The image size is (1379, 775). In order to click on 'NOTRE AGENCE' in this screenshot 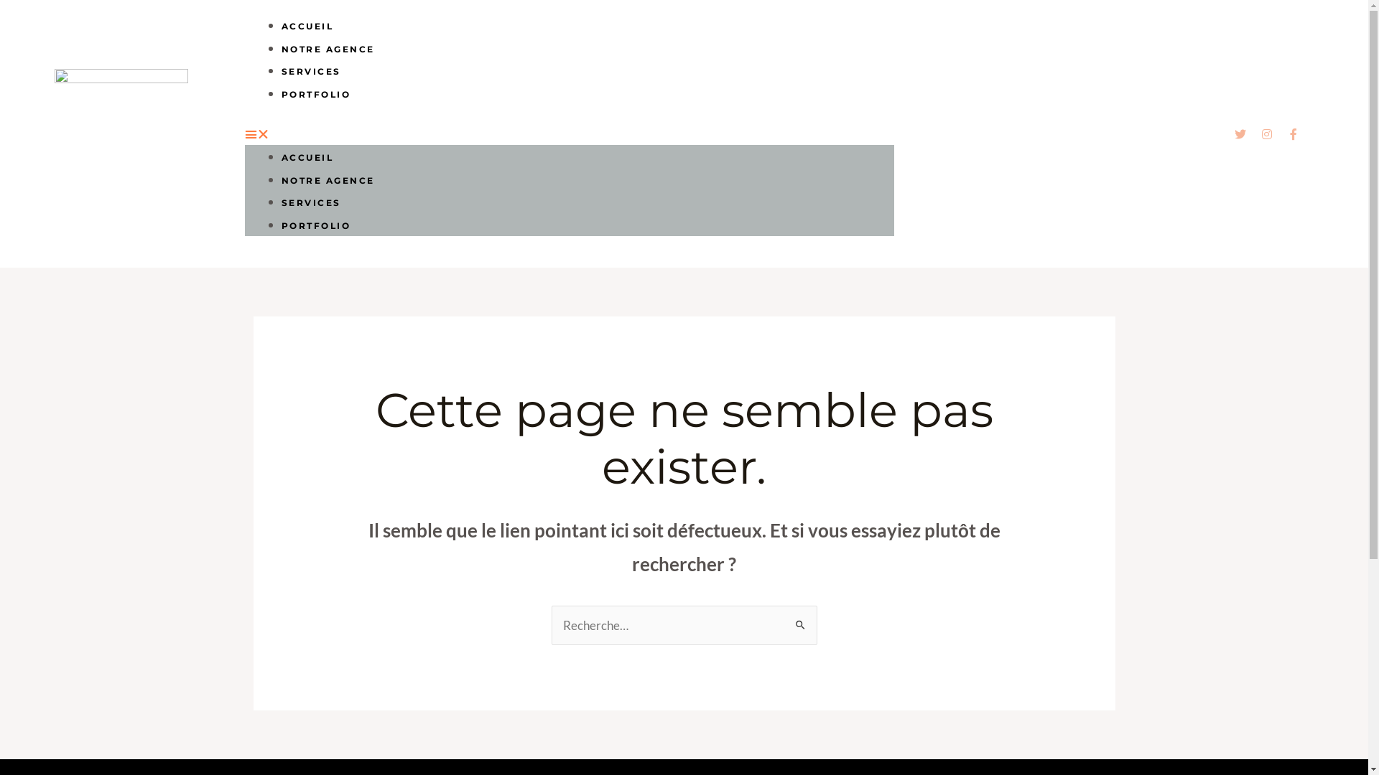, I will do `click(327, 48)`.